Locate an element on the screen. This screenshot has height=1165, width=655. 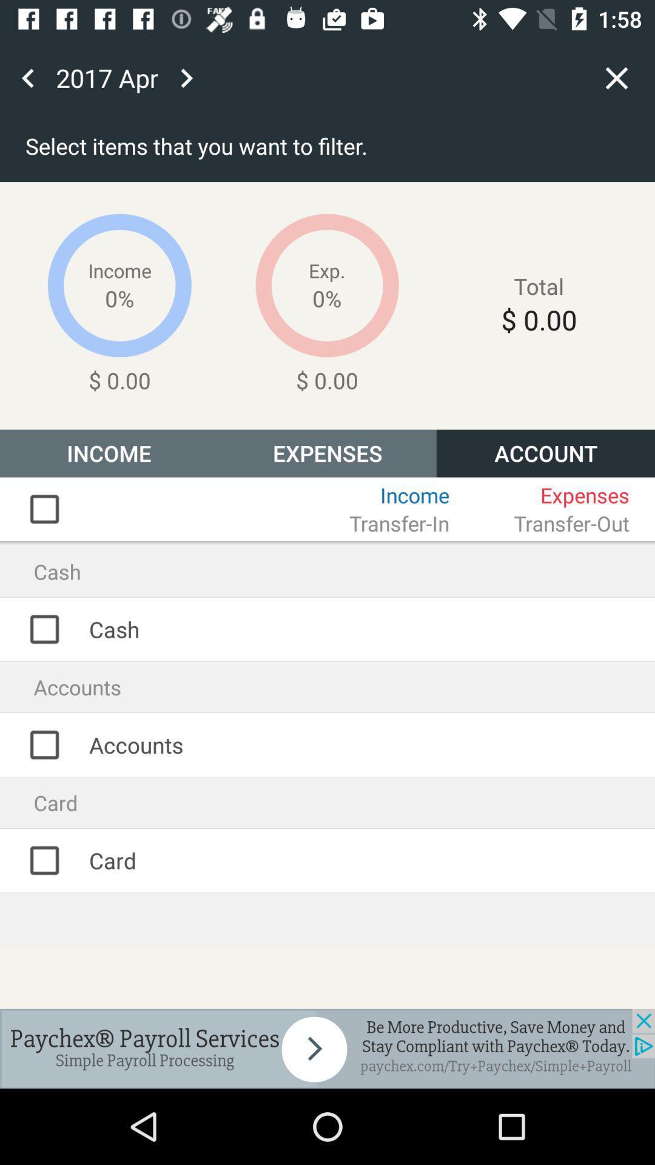
the arrow_forward icon is located at coordinates (186, 77).